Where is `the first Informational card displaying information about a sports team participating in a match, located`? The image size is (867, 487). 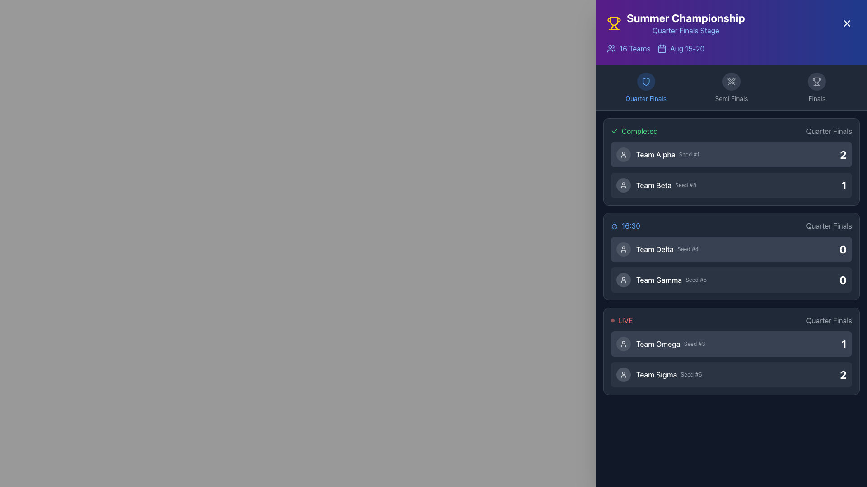
the first Informational card displaying information about a sports team participating in a match, located is located at coordinates (732, 344).